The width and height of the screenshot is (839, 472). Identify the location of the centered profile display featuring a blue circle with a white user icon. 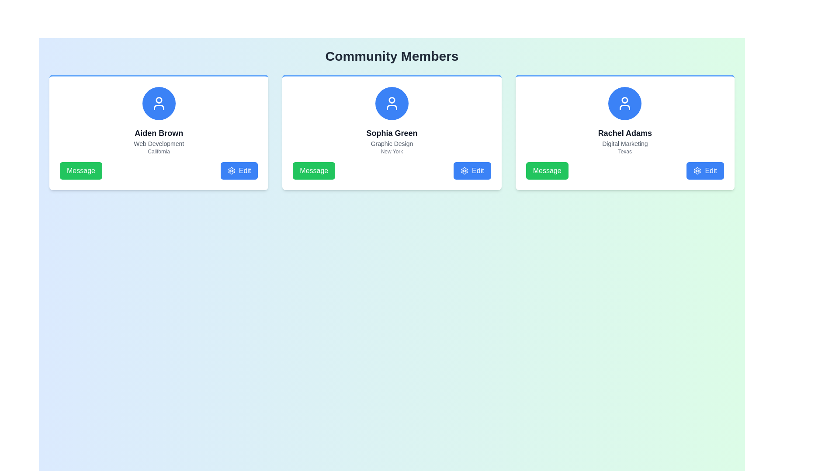
(159, 121).